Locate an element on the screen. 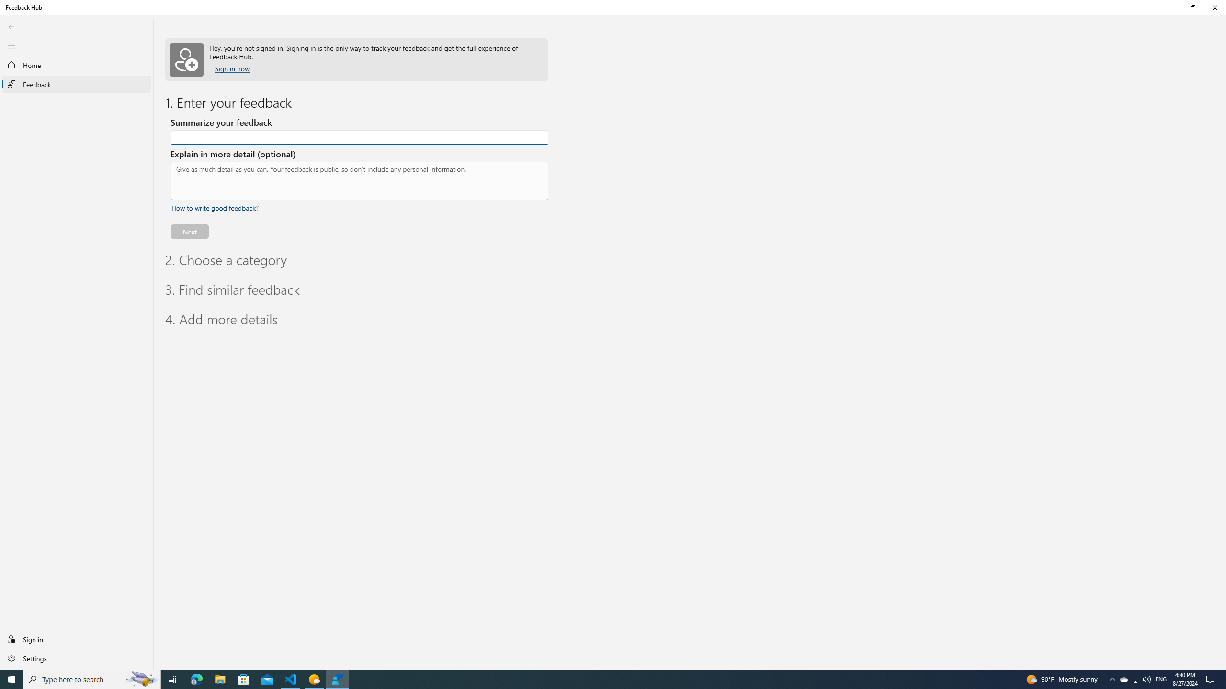 The image size is (1226, 689). 'User Promoted Notification Area' is located at coordinates (1135, 678).